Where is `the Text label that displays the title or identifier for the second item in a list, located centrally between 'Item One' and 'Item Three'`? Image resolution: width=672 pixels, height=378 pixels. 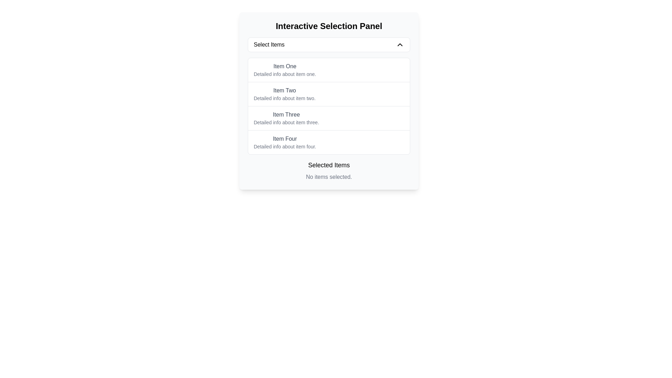
the Text label that displays the title or identifier for the second item in a list, located centrally between 'Item One' and 'Item Three' is located at coordinates (285, 90).